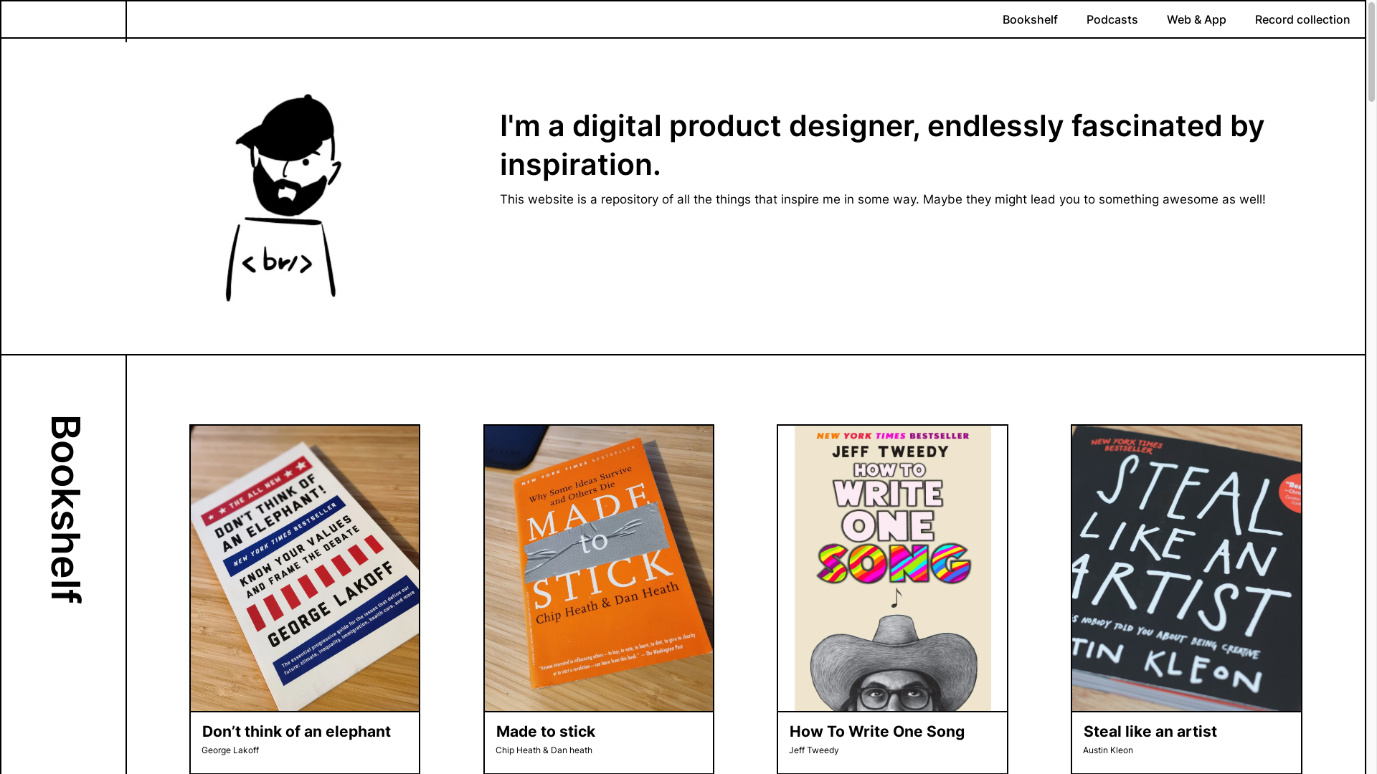  Describe the element at coordinates (1111, 19) in the screenshot. I see `'Podcasts'` at that location.